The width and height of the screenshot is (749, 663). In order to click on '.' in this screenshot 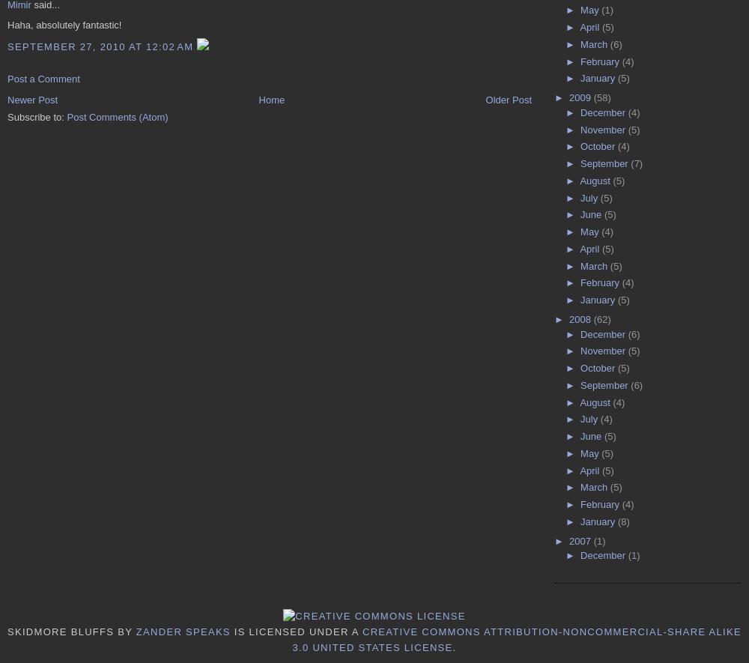, I will do `click(453, 646)`.